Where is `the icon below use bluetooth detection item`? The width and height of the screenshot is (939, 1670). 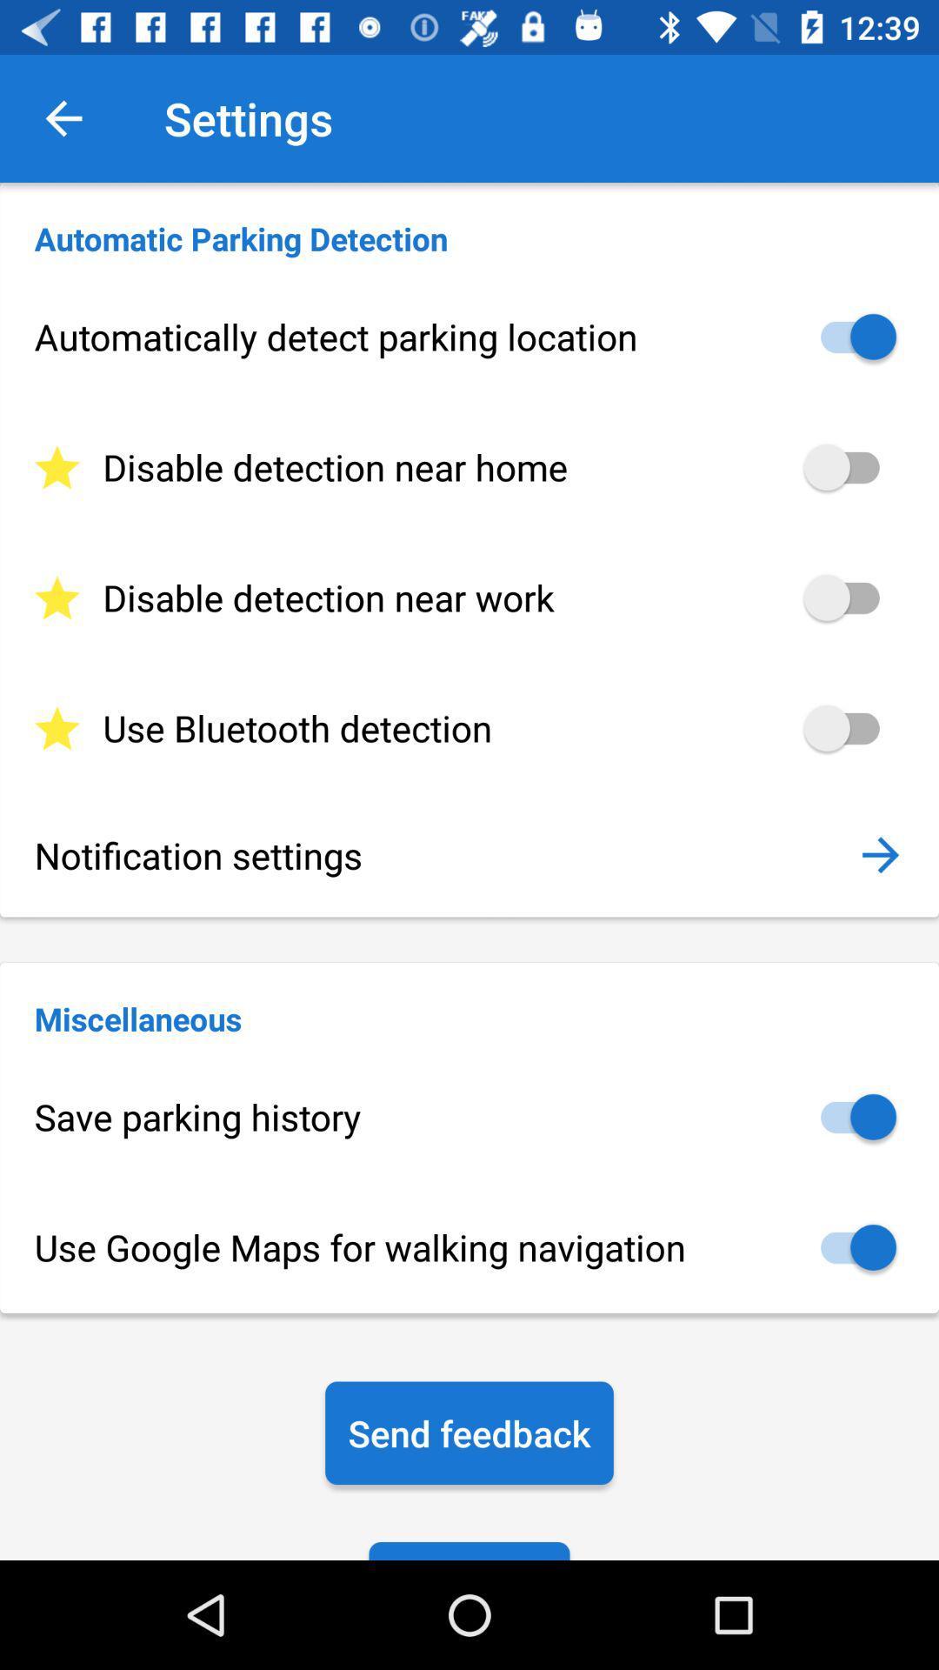 the icon below use bluetooth detection item is located at coordinates (444, 855).